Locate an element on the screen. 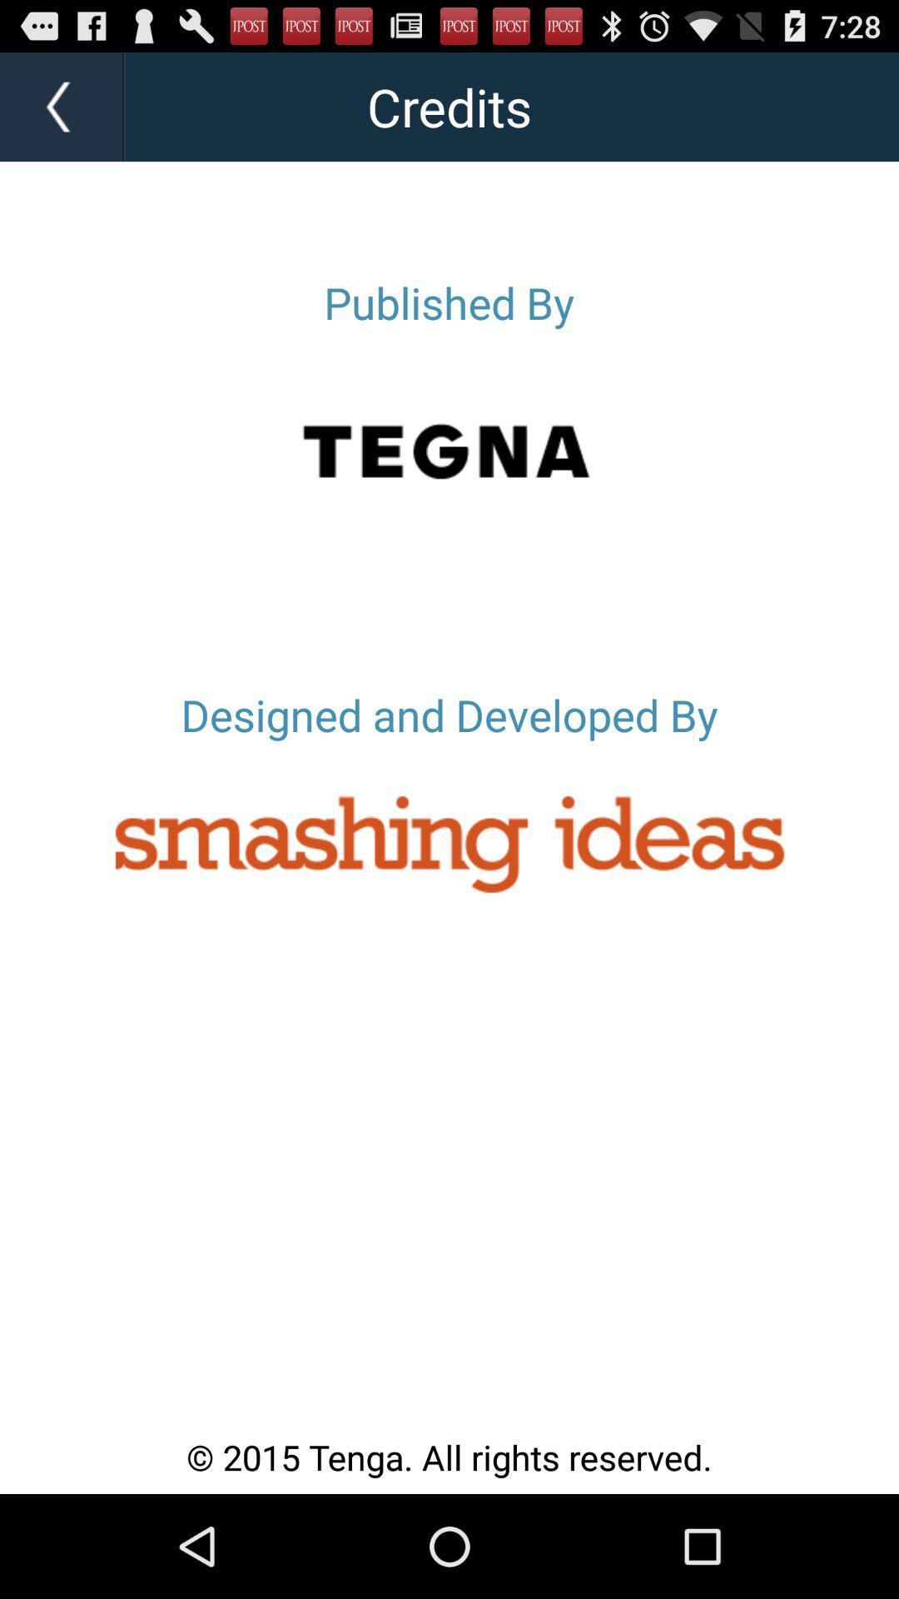  previous button is located at coordinates (62, 106).